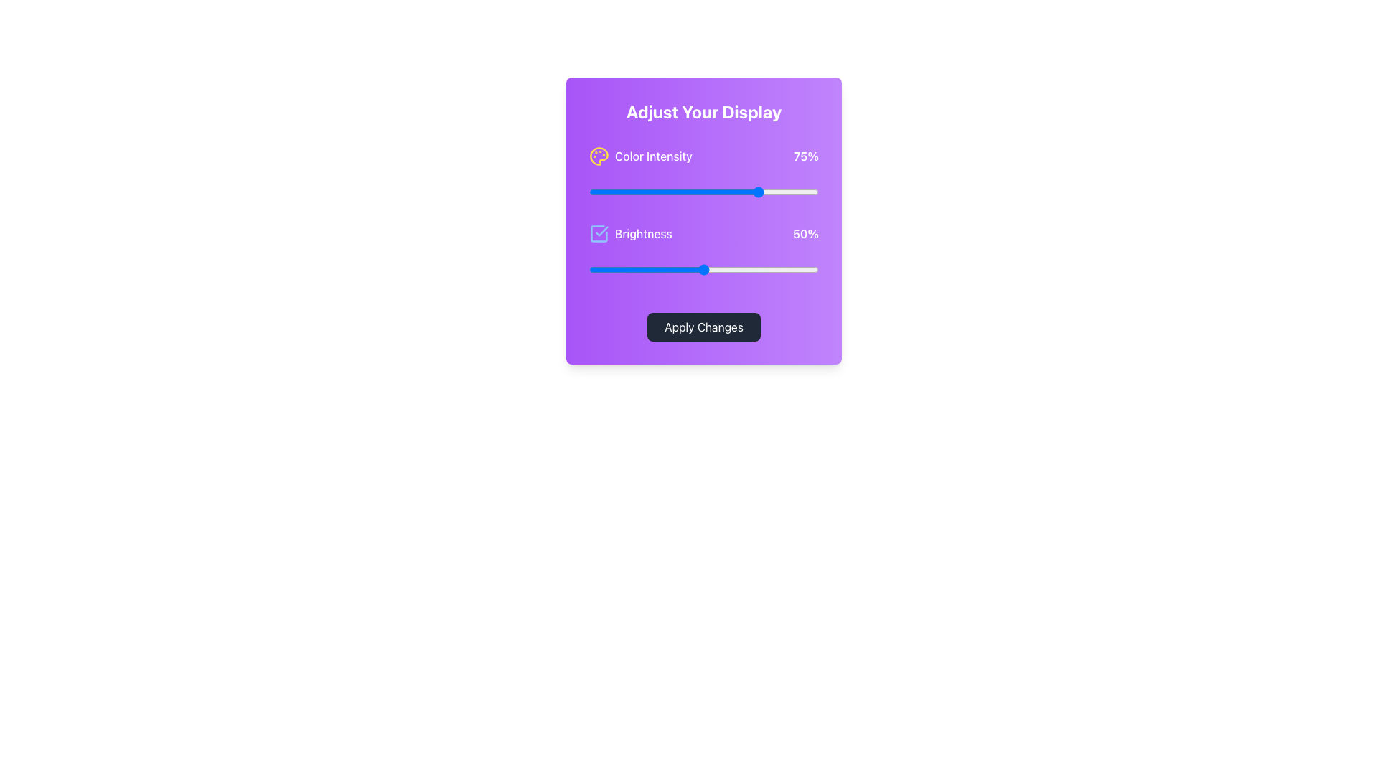 This screenshot has height=775, width=1378. What do you see at coordinates (806, 156) in the screenshot?
I see `the text display showing '75%' in a white, bold font style on a purple background, which is positioned adjacent to the 'Color Intensity' label and icon` at bounding box center [806, 156].